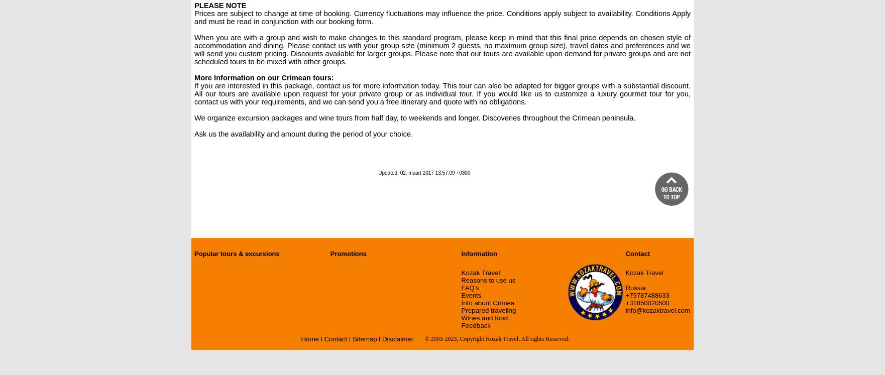 This screenshot has height=375, width=885. What do you see at coordinates (443, 49) in the screenshot?
I see `'When you are with a group and wish to make changes to this standard program, please keep in mind that this final price depends on chosen style of accommodation and dining. Please contact us with your group size (minimum 2 guests, no maximum group size), travel dates and preferences and we will send you custom pricing. Discounts available for larger groups. Please note that our tours are available upon demand for 
		private groups and are not scheduled tours to be mixed with other groups.'` at bounding box center [443, 49].